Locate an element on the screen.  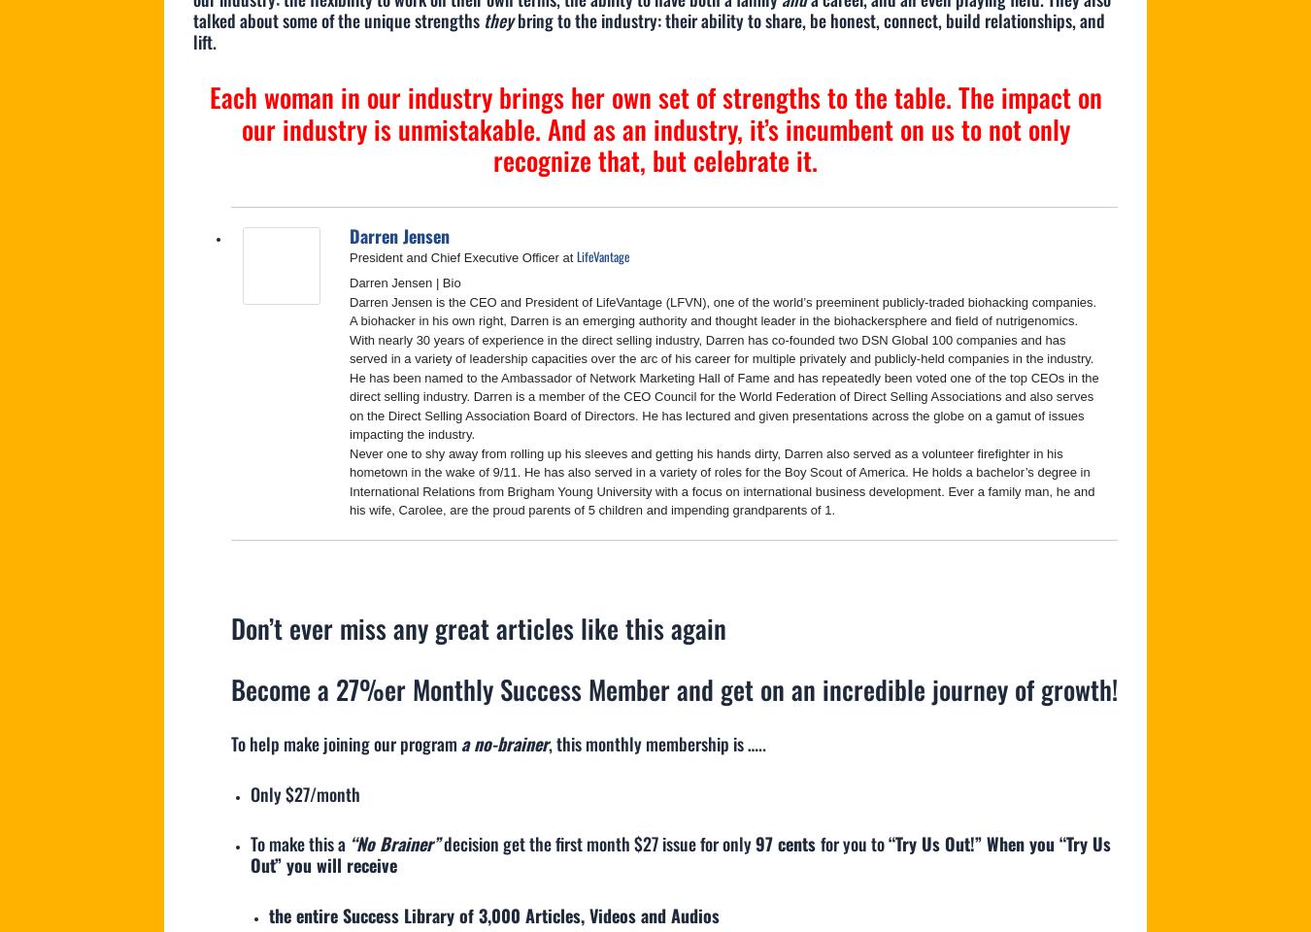
'“No Brainer”' is located at coordinates (393, 842).